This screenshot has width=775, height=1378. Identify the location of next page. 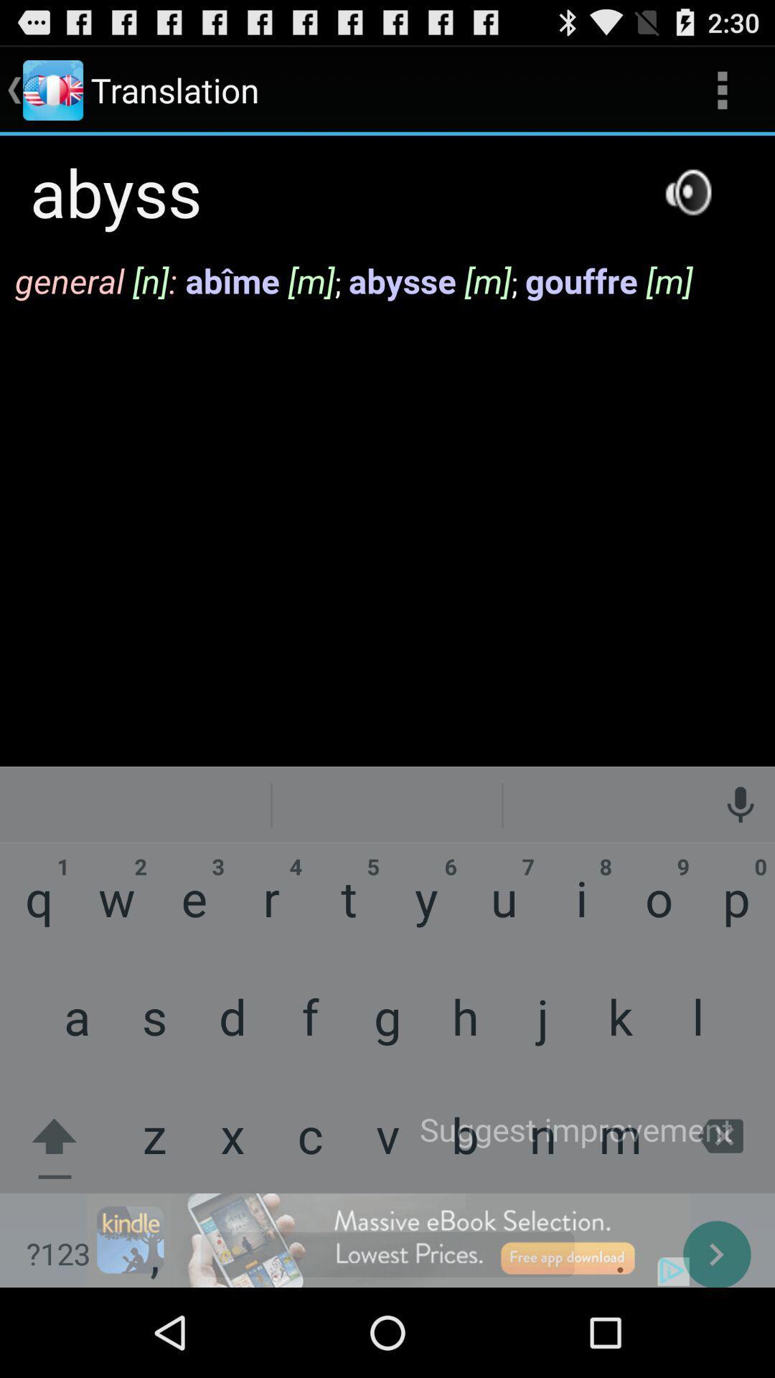
(387, 1239).